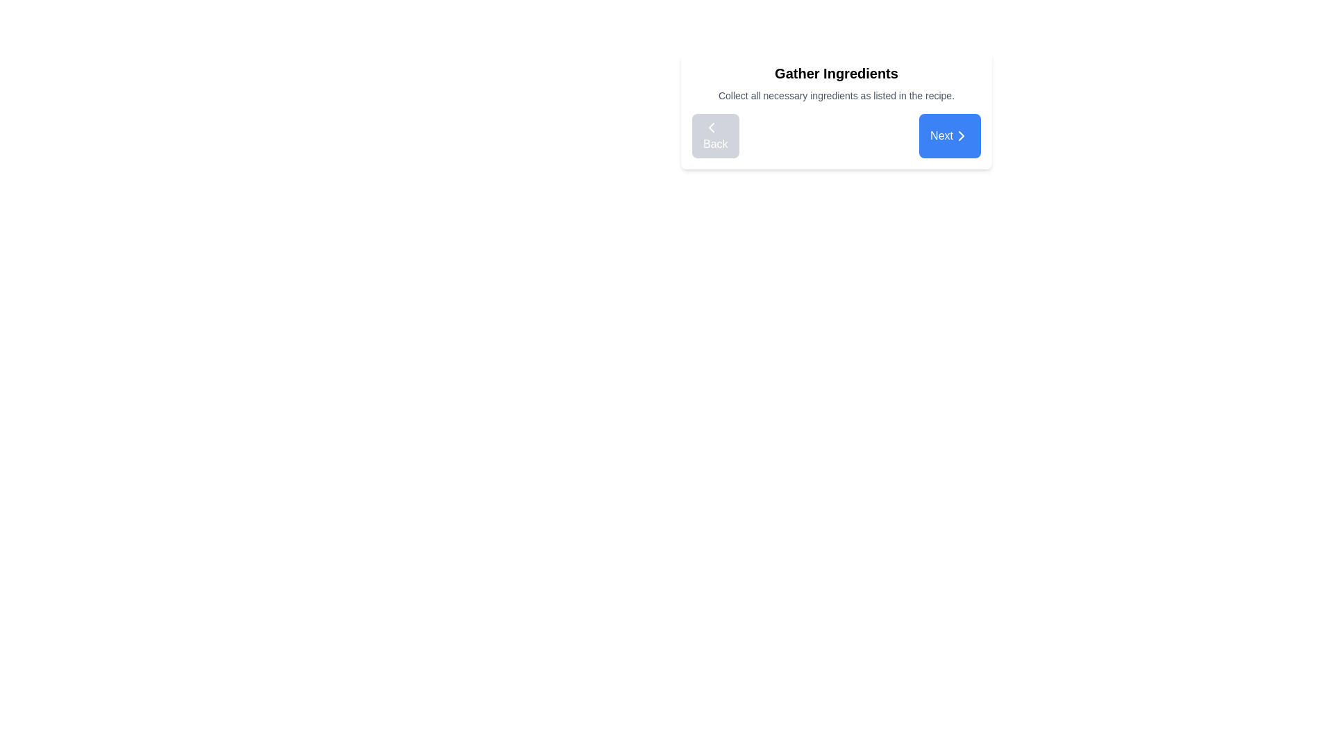 The width and height of the screenshot is (1333, 750). What do you see at coordinates (961, 136) in the screenshot?
I see `the 'Next' button, which is located at the bottom-right corner of the interface card and contains a right-pointing chevron SVG icon as a visual indicator` at bounding box center [961, 136].